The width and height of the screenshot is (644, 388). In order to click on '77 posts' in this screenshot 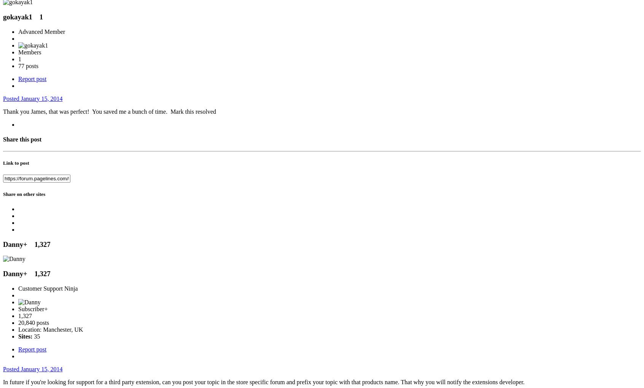, I will do `click(28, 65)`.